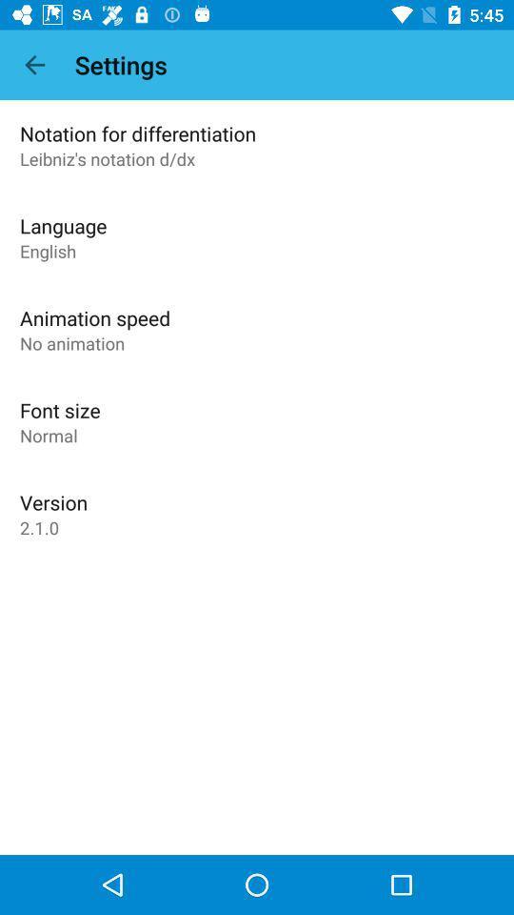 Image resolution: width=514 pixels, height=915 pixels. Describe the element at coordinates (49, 436) in the screenshot. I see `the app below font size` at that location.